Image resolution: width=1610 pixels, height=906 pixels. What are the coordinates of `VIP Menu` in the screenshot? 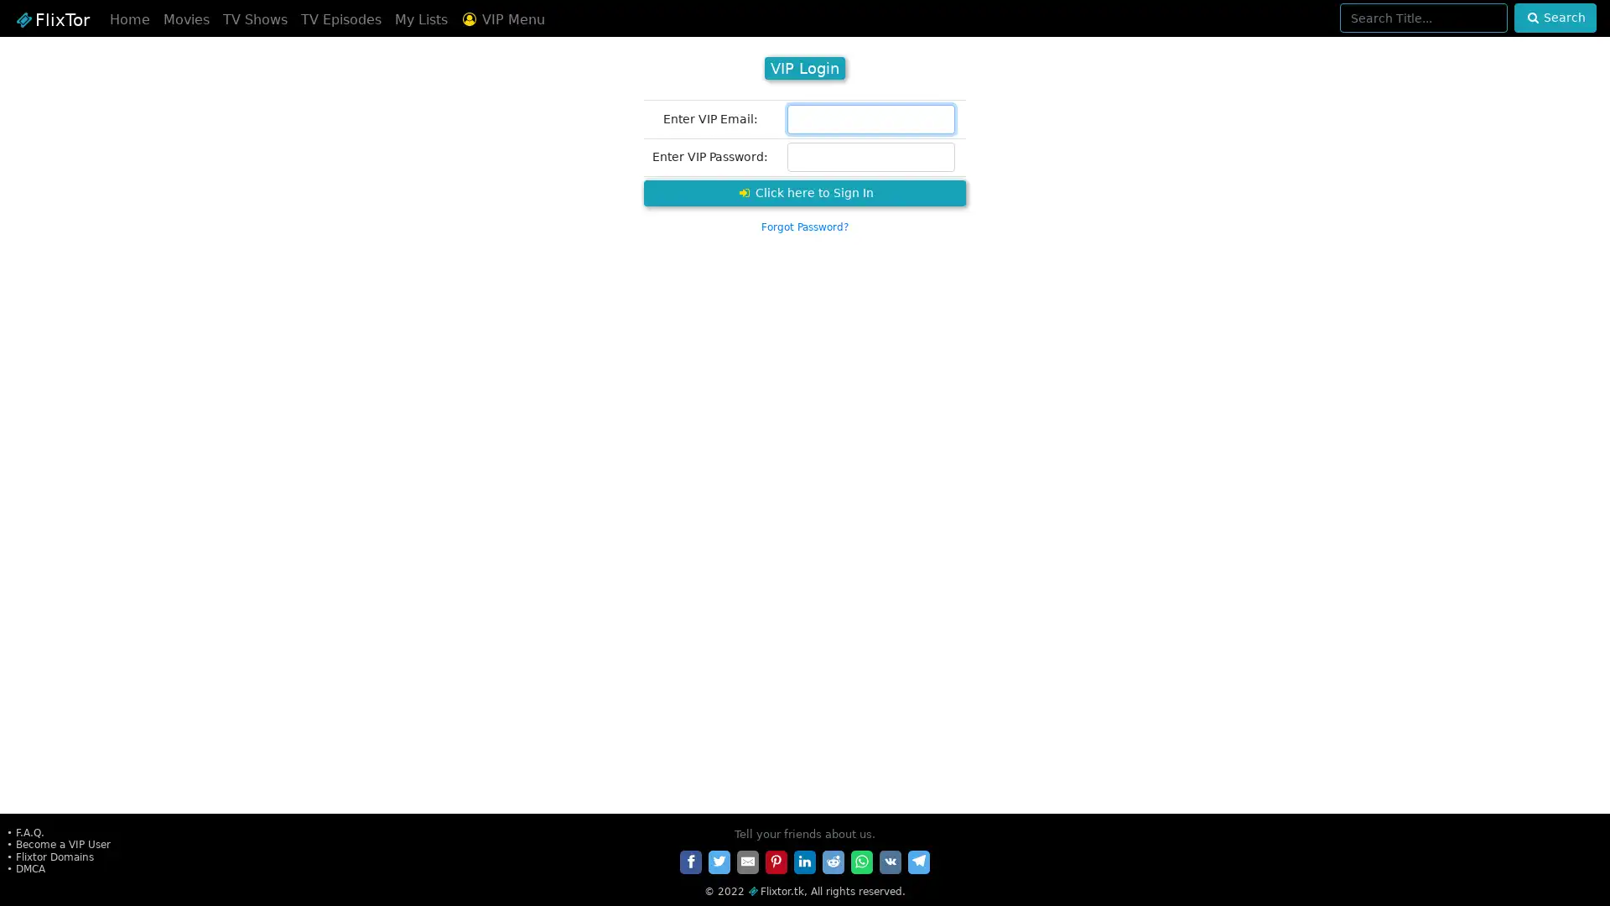 It's located at (501, 19).